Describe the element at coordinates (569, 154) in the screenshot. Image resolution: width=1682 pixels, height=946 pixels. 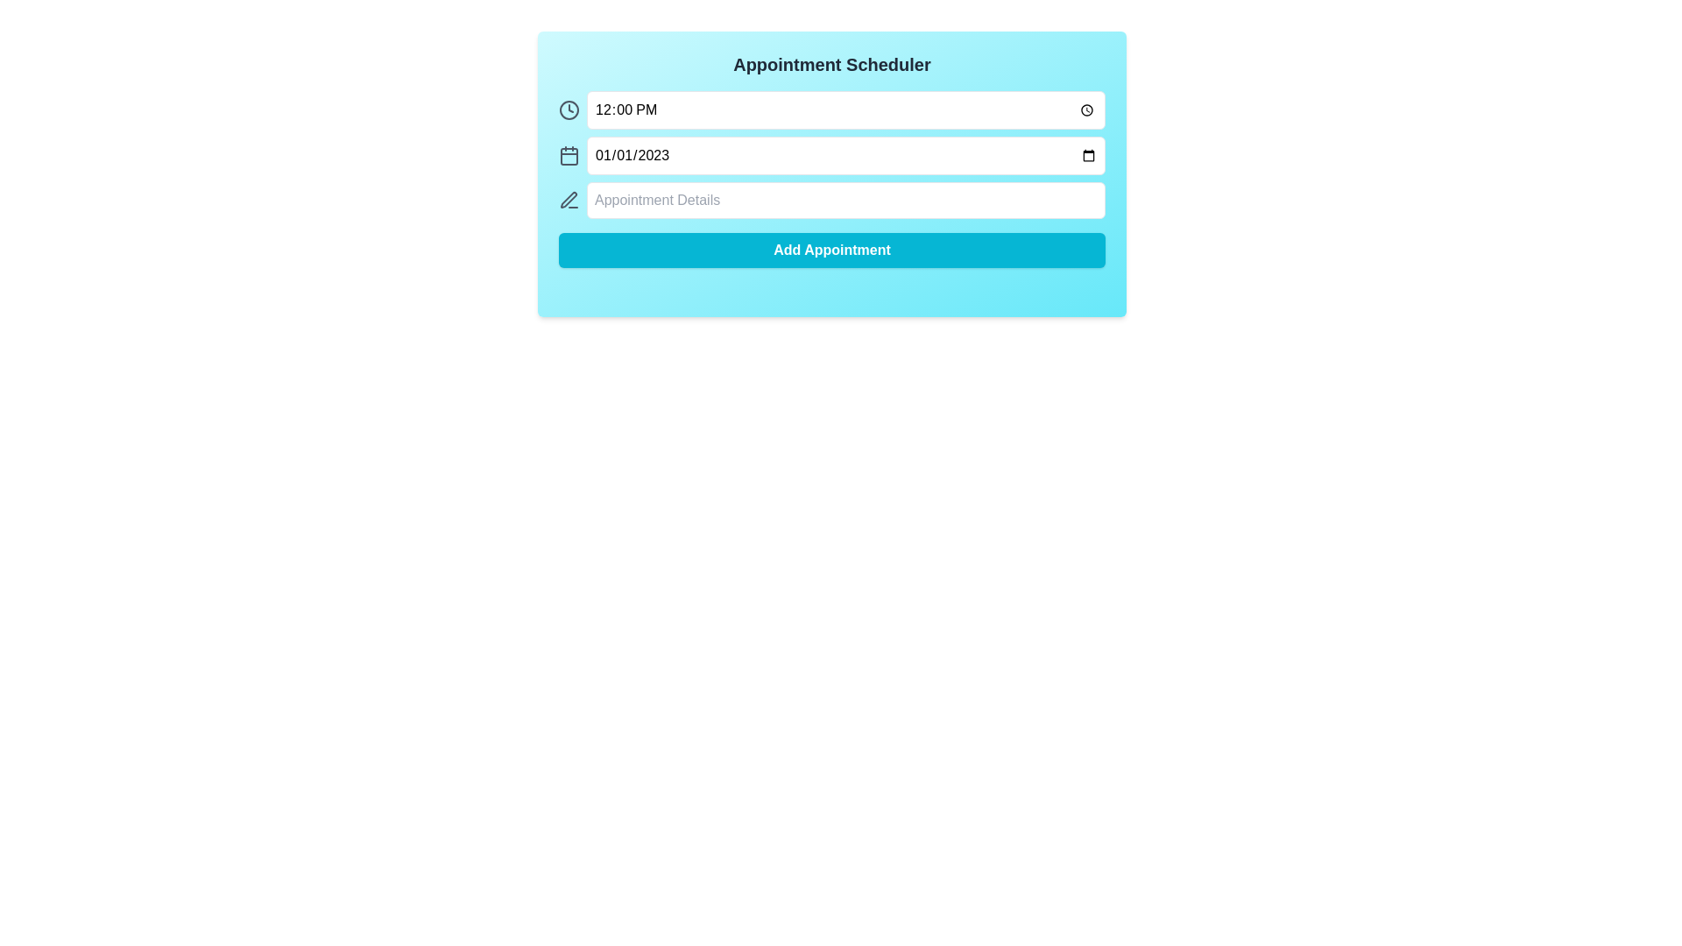
I see `the icon located to the left of the date input field, which is associated with the date selection functionality` at that location.